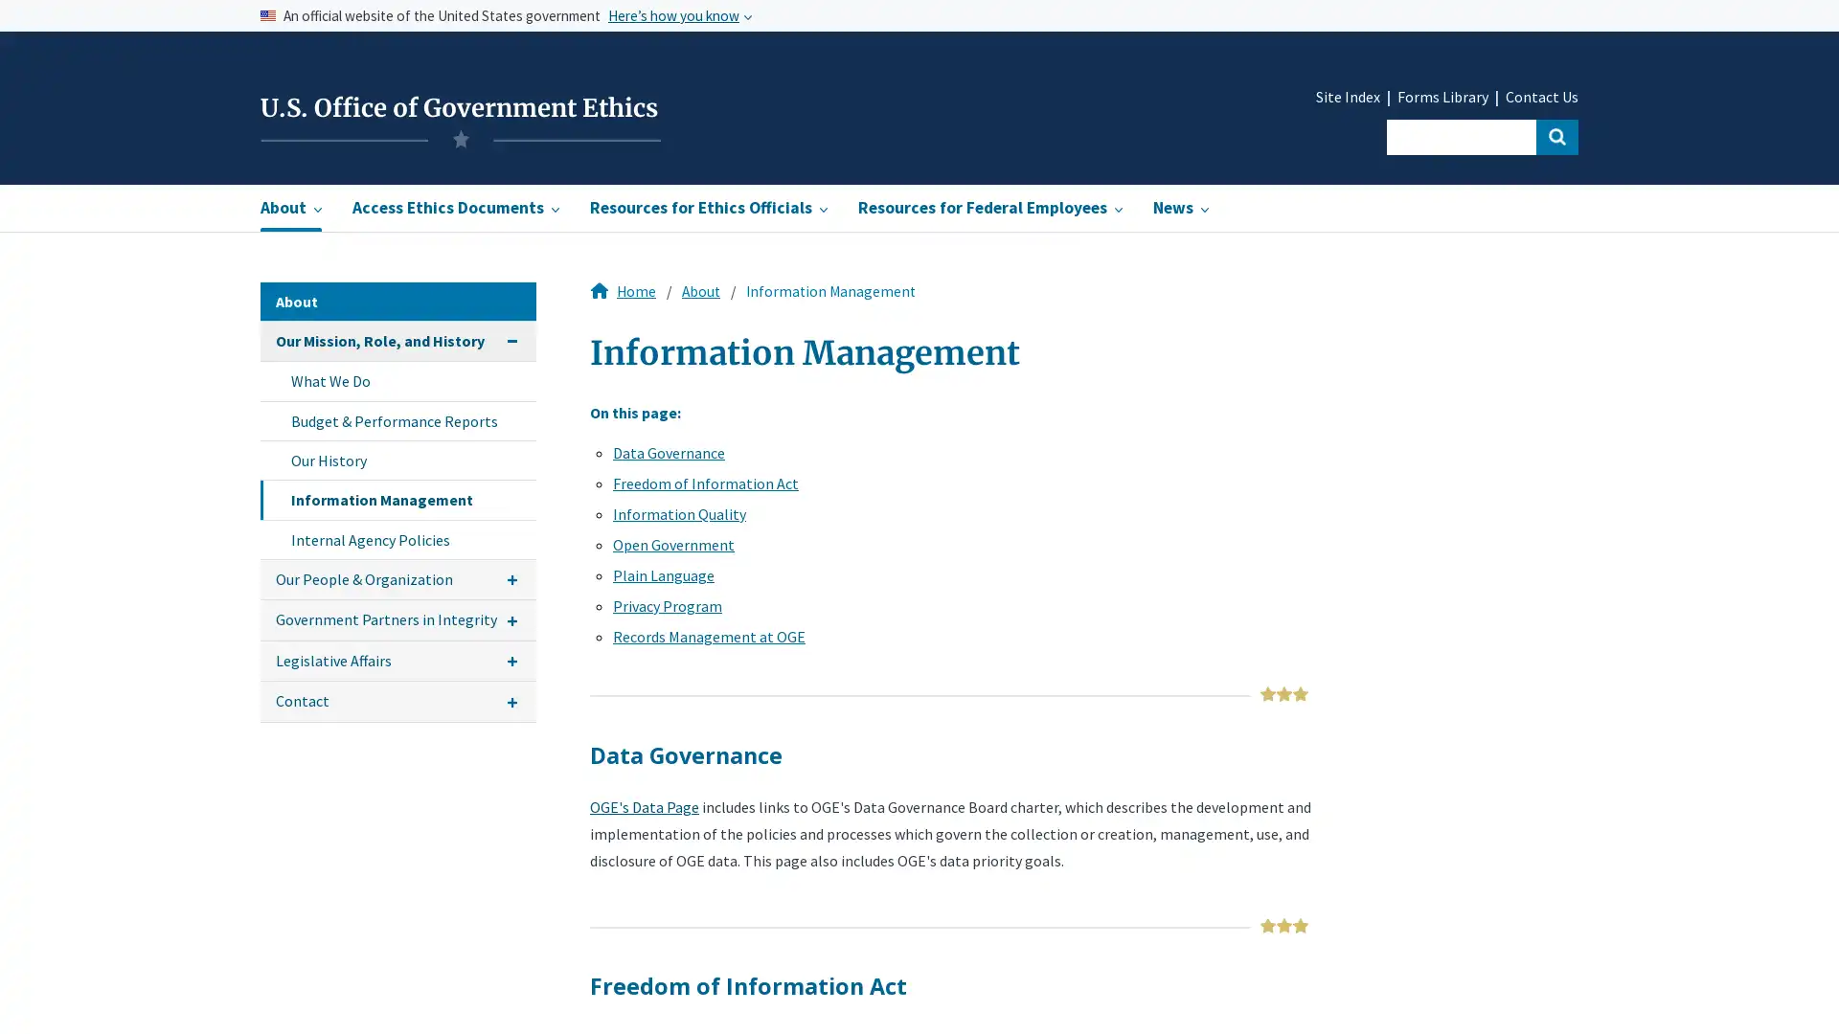 The height and width of the screenshot is (1034, 1839). I want to click on Resources for Federal Employees, so click(989, 207).